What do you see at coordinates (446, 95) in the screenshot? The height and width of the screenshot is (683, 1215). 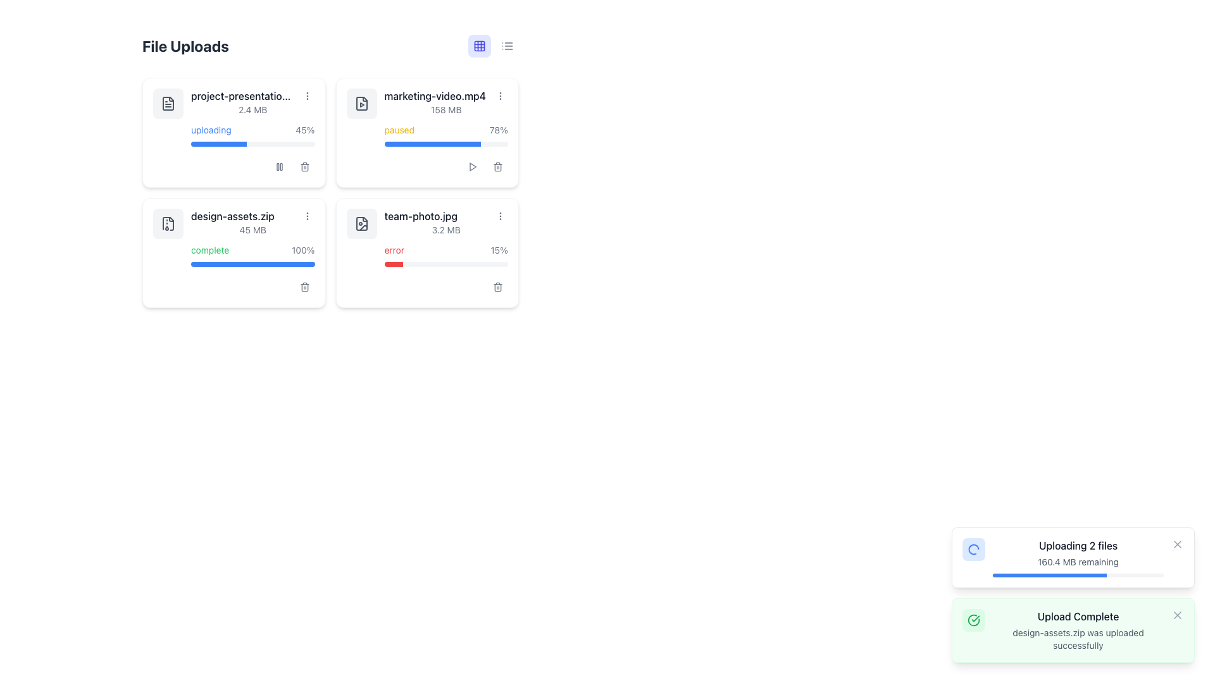 I see `file name displayed in the text label "marketing-video.mp4" located in the second card of the grid display` at bounding box center [446, 95].